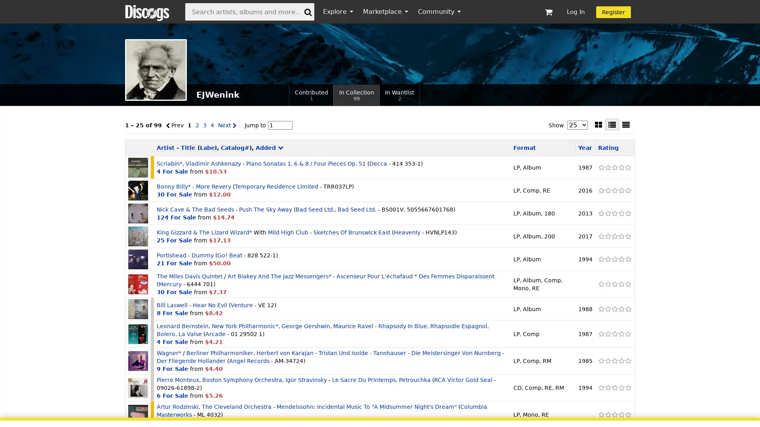 This screenshot has height=427, width=760. Describe the element at coordinates (627, 213) in the screenshot. I see `Rate this release 5 stars.` at that location.